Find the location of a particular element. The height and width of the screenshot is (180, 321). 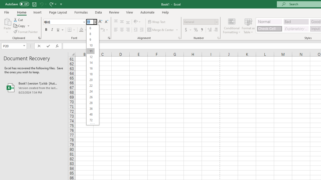

'Name Box' is located at coordinates (12, 46).